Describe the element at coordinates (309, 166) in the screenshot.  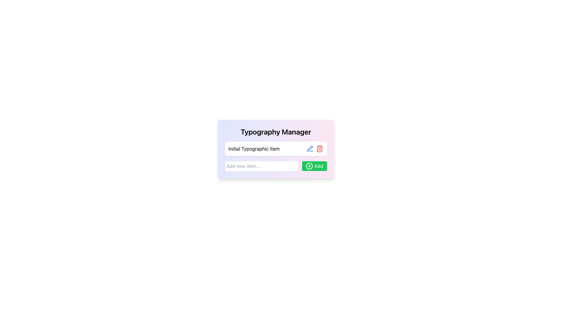
I see `circular '+' icon within the green 'Add' button located at the bottom-right corner of the 'Typography Manager' panel using developer tools` at that location.